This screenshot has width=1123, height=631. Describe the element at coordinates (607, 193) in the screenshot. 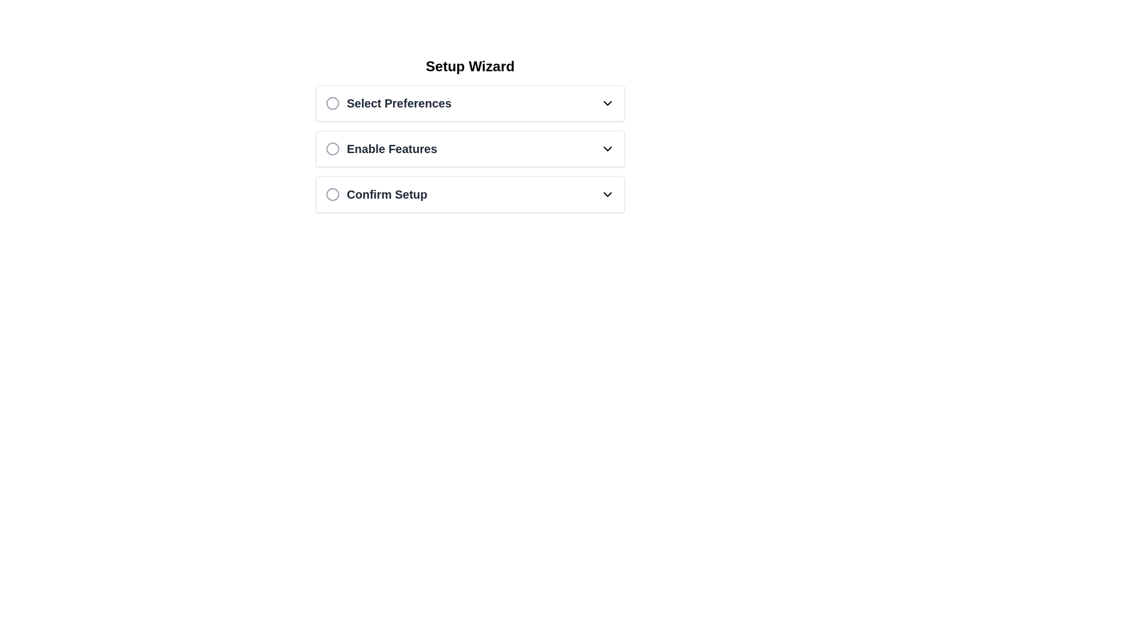

I see `the downward-pointing chevron icon located to the right side of the 'Confirm Setup' text` at that location.